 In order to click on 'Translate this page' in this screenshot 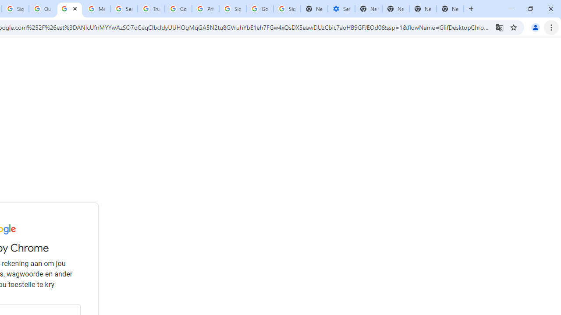, I will do `click(499, 27)`.